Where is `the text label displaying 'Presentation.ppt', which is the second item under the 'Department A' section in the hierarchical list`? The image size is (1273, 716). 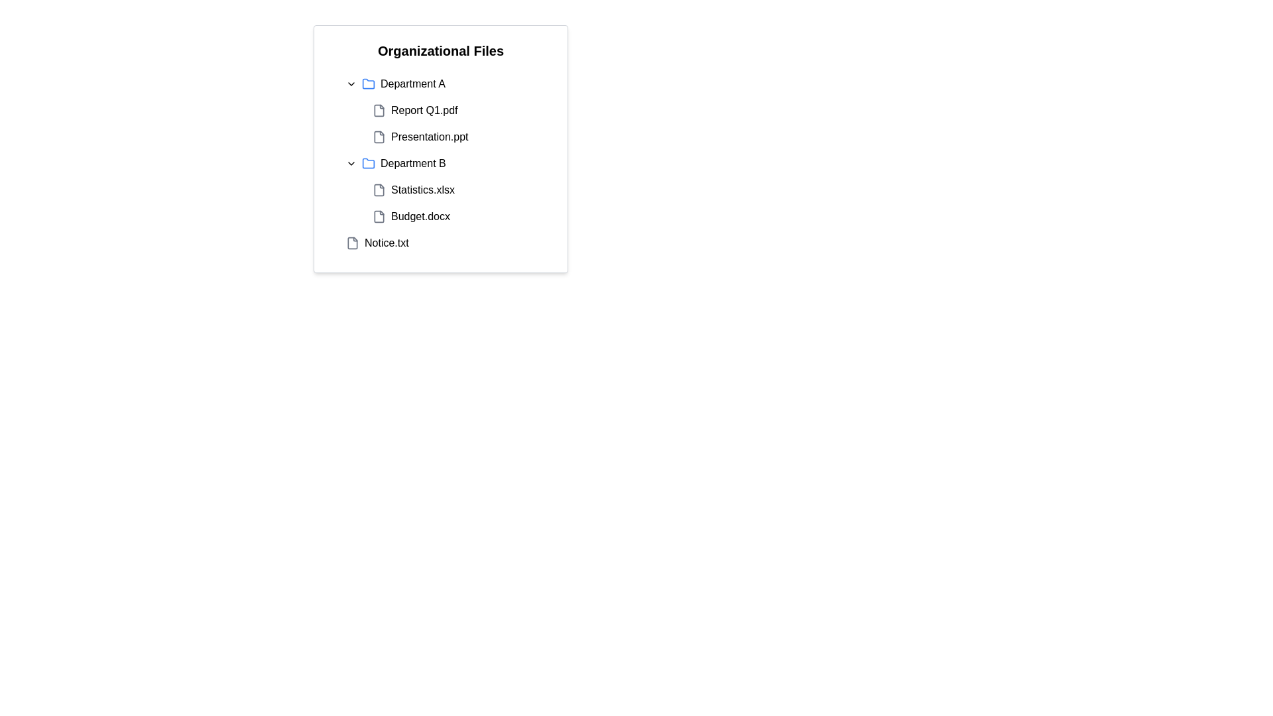
the text label displaying 'Presentation.ppt', which is the second item under the 'Department A' section in the hierarchical list is located at coordinates (430, 137).